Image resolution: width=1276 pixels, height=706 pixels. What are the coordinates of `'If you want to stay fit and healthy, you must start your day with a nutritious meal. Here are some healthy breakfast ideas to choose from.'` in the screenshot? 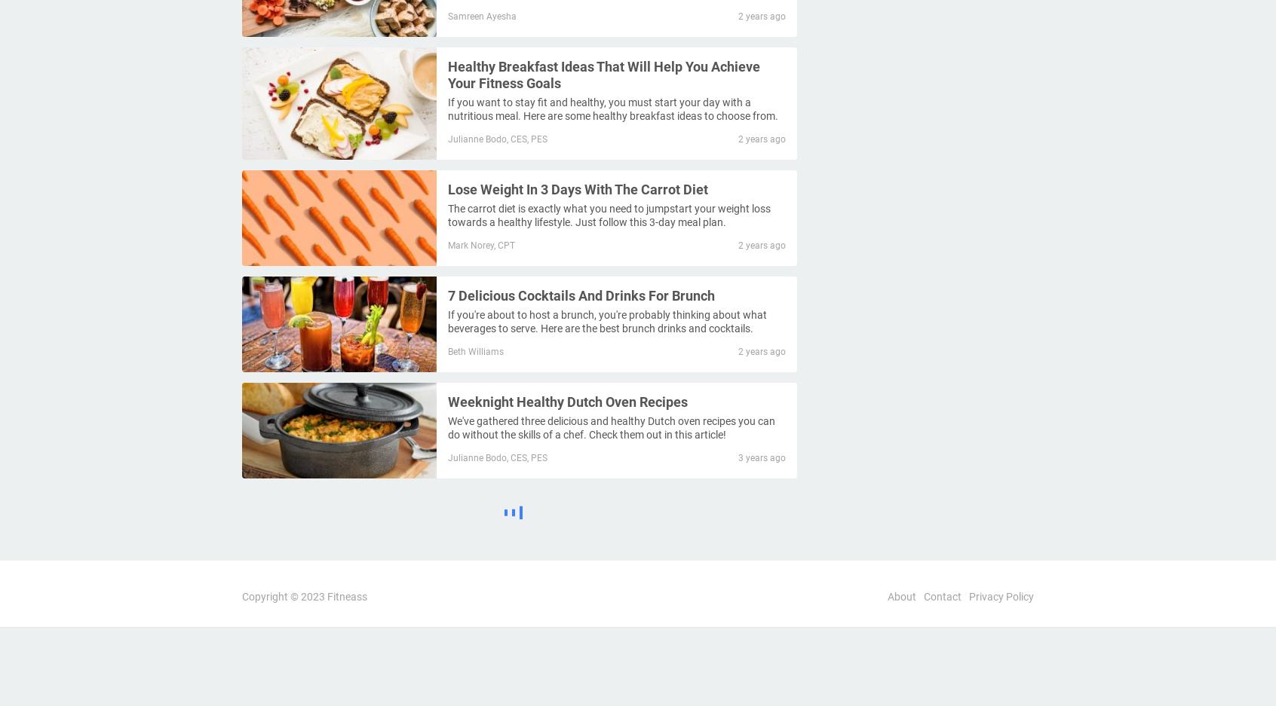 It's located at (446, 108).